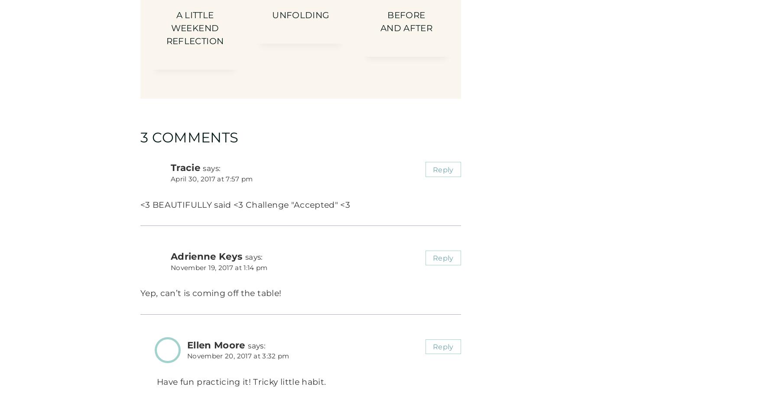 Image resolution: width=780 pixels, height=393 pixels. What do you see at coordinates (185, 167) in the screenshot?
I see `'Tracie'` at bounding box center [185, 167].